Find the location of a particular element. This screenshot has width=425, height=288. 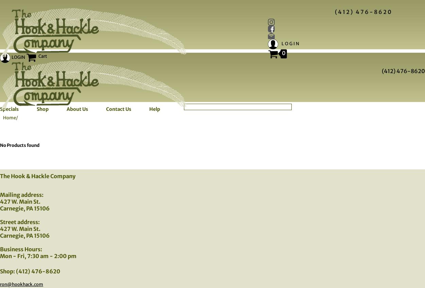

'Home' is located at coordinates (10, 118).